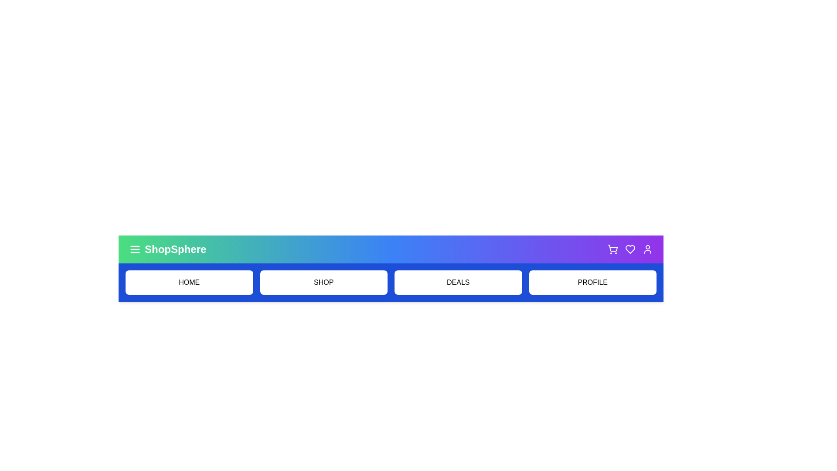 The image size is (837, 471). What do you see at coordinates (323, 283) in the screenshot?
I see `the 'Shop' menu item` at bounding box center [323, 283].